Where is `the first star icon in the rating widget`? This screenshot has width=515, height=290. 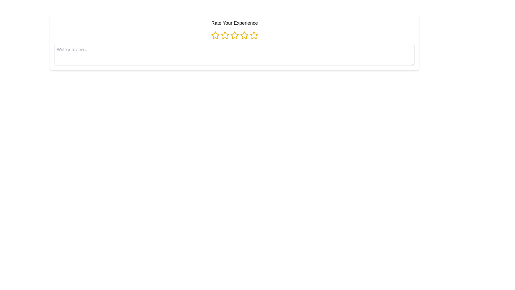
the first star icon in the rating widget is located at coordinates (215, 35).